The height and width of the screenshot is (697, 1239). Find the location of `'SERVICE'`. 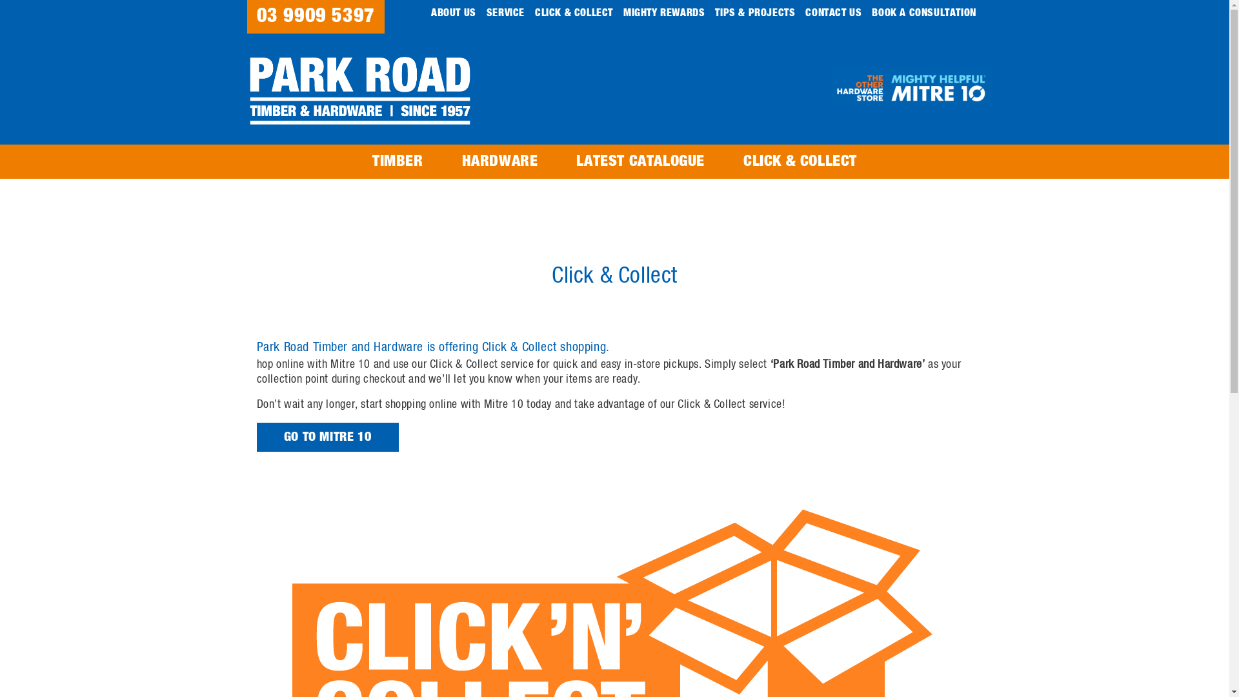

'SERVICE' is located at coordinates (505, 12).